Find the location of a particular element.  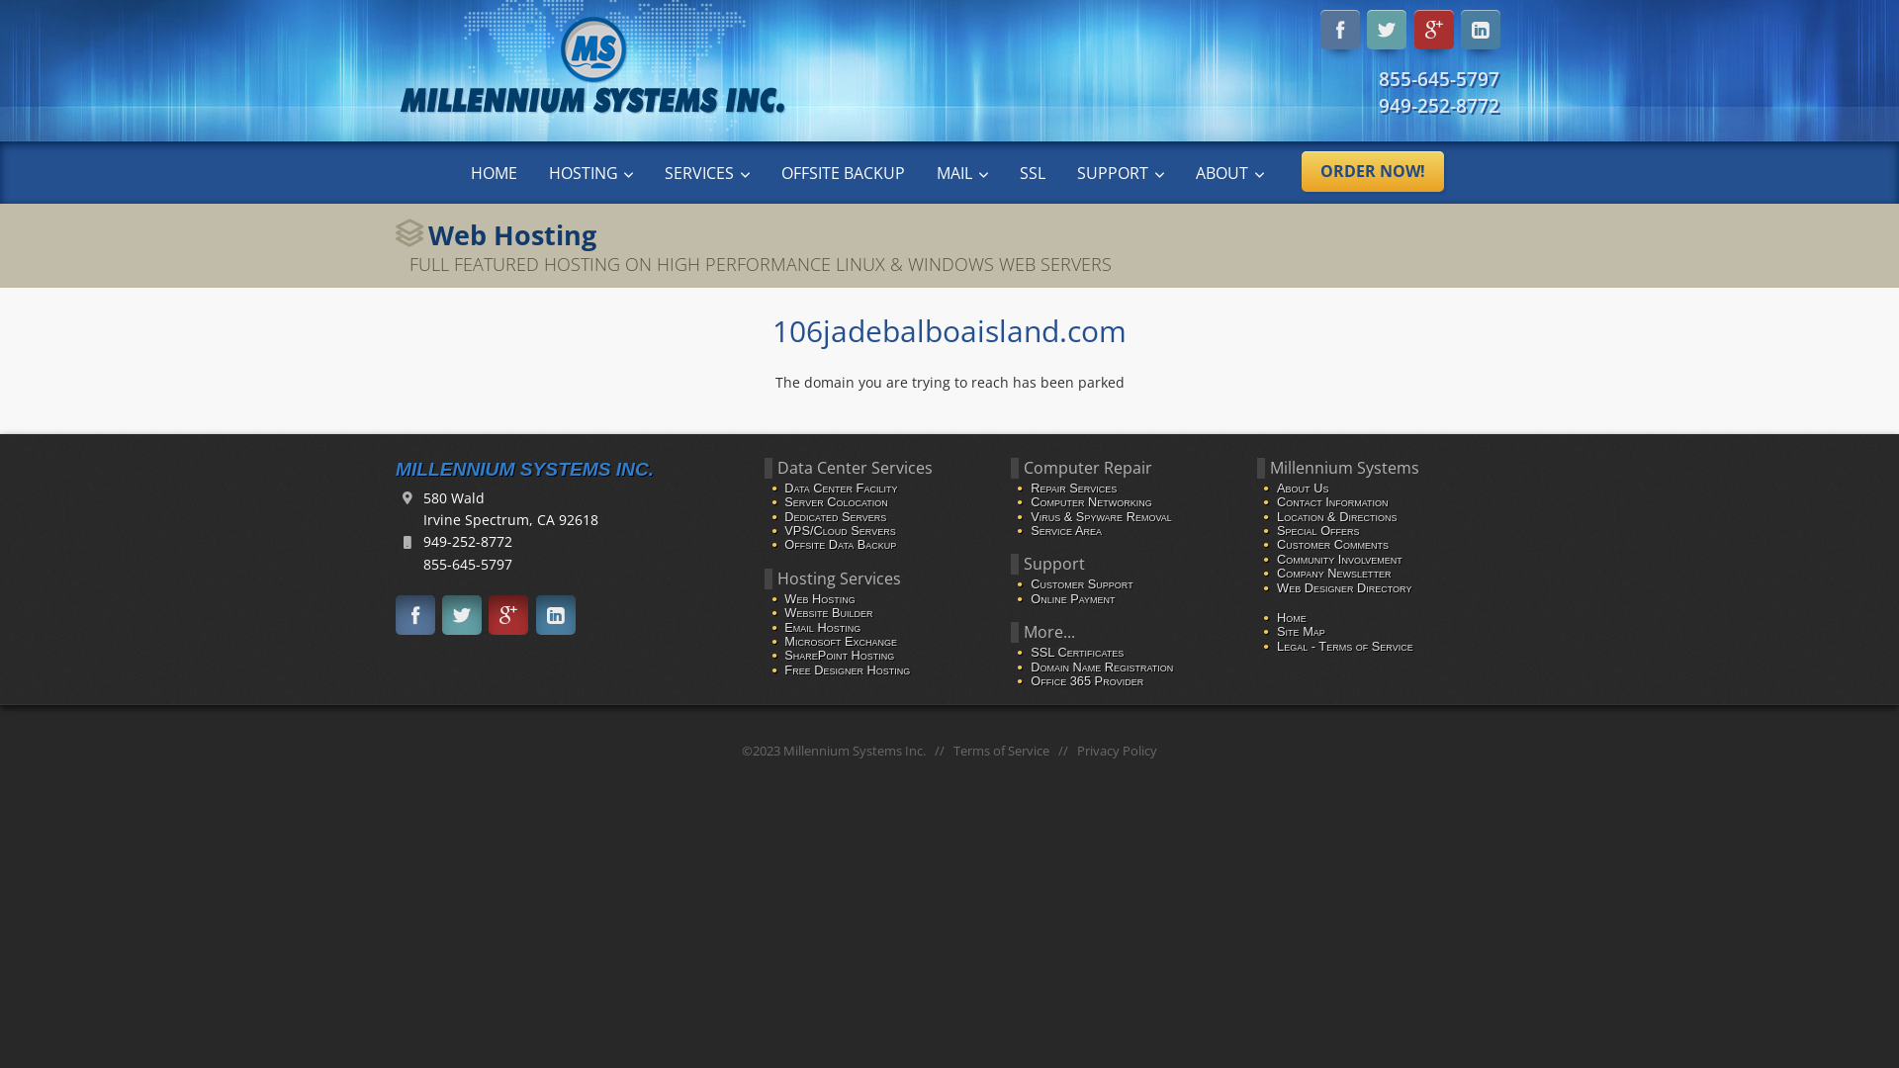

'Data Center Facility' is located at coordinates (840, 488).